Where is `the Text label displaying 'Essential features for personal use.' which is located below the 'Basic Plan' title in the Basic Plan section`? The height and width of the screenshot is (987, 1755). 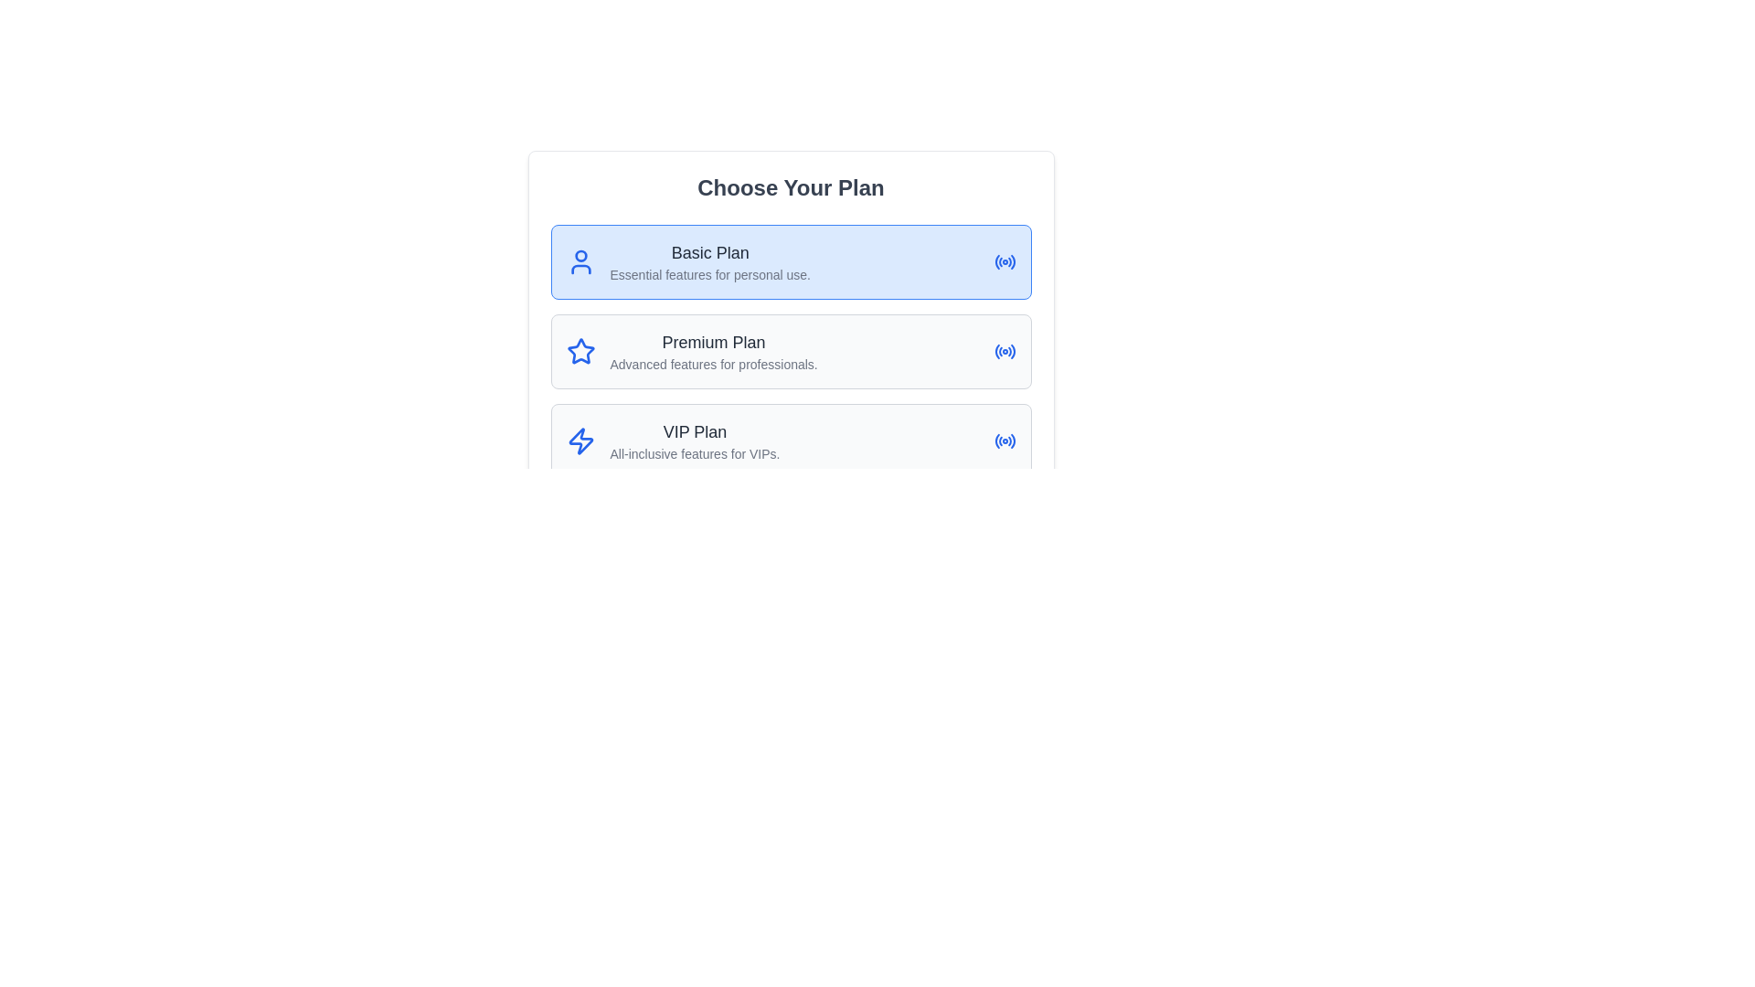 the Text label displaying 'Essential features for personal use.' which is located below the 'Basic Plan' title in the Basic Plan section is located at coordinates (709, 274).